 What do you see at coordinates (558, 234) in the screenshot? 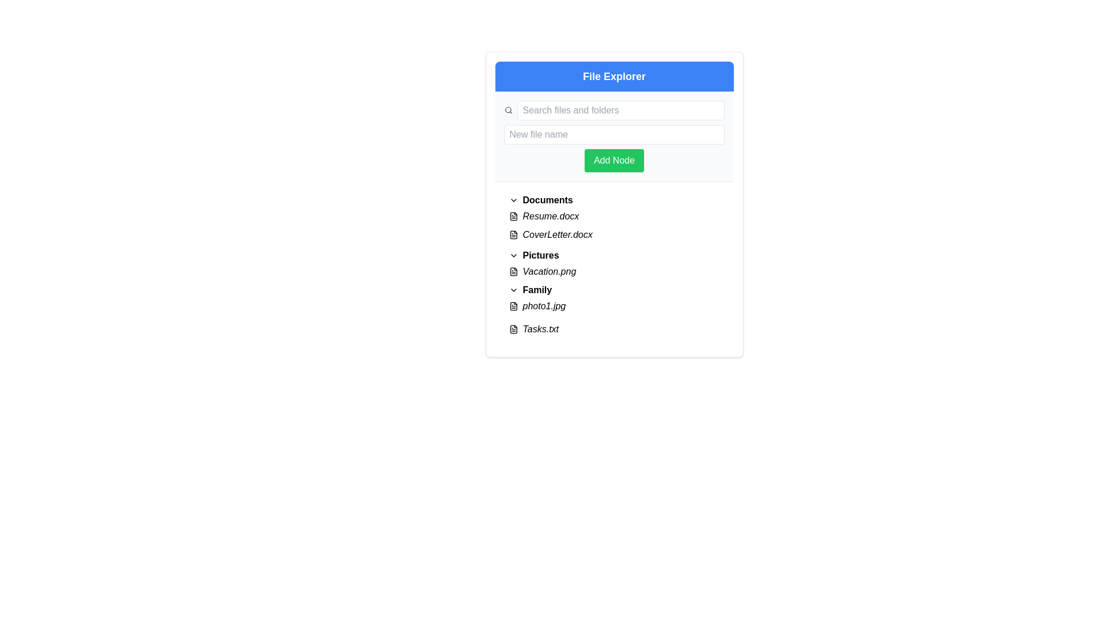
I see `the label representing the document named 'CoverLetter.docx' within the file explorer` at bounding box center [558, 234].